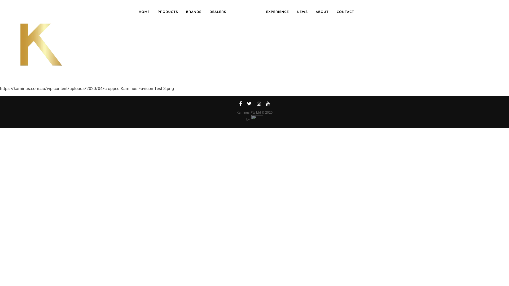 Image resolution: width=509 pixels, height=286 pixels. Describe the element at coordinates (302, 12) in the screenshot. I see `'NEWS'` at that location.